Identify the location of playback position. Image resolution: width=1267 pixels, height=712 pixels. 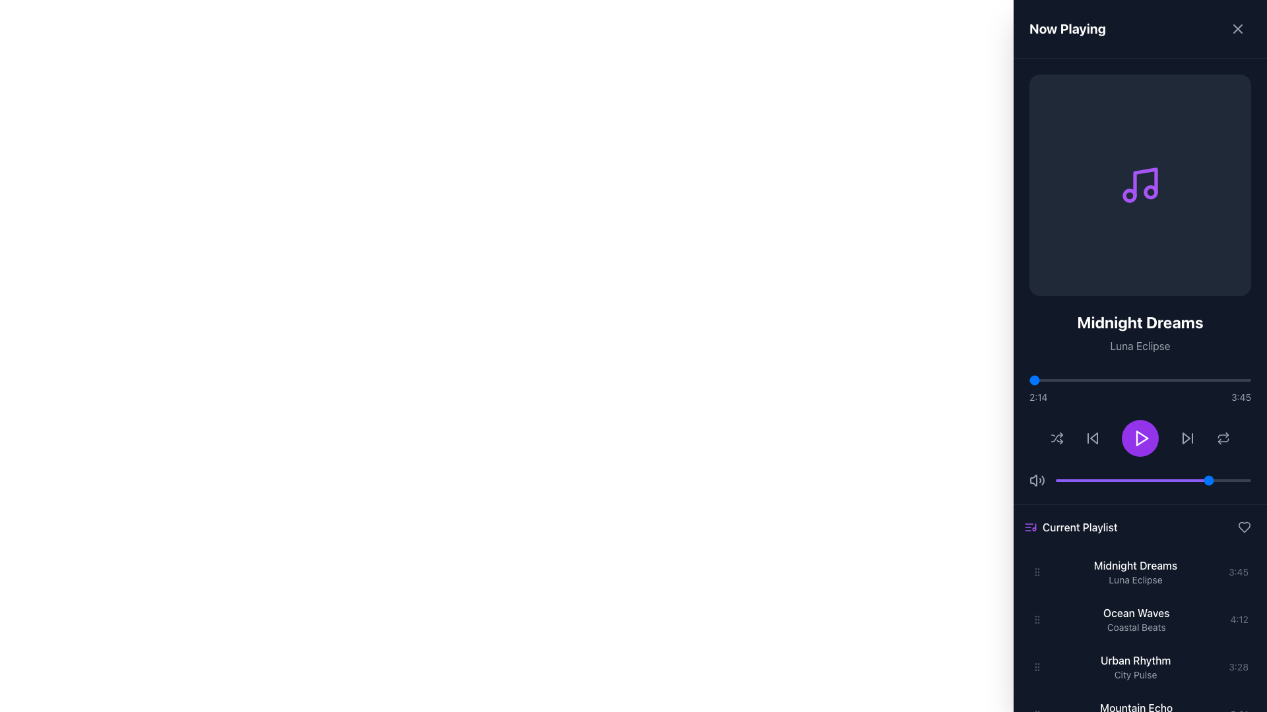
(1186, 380).